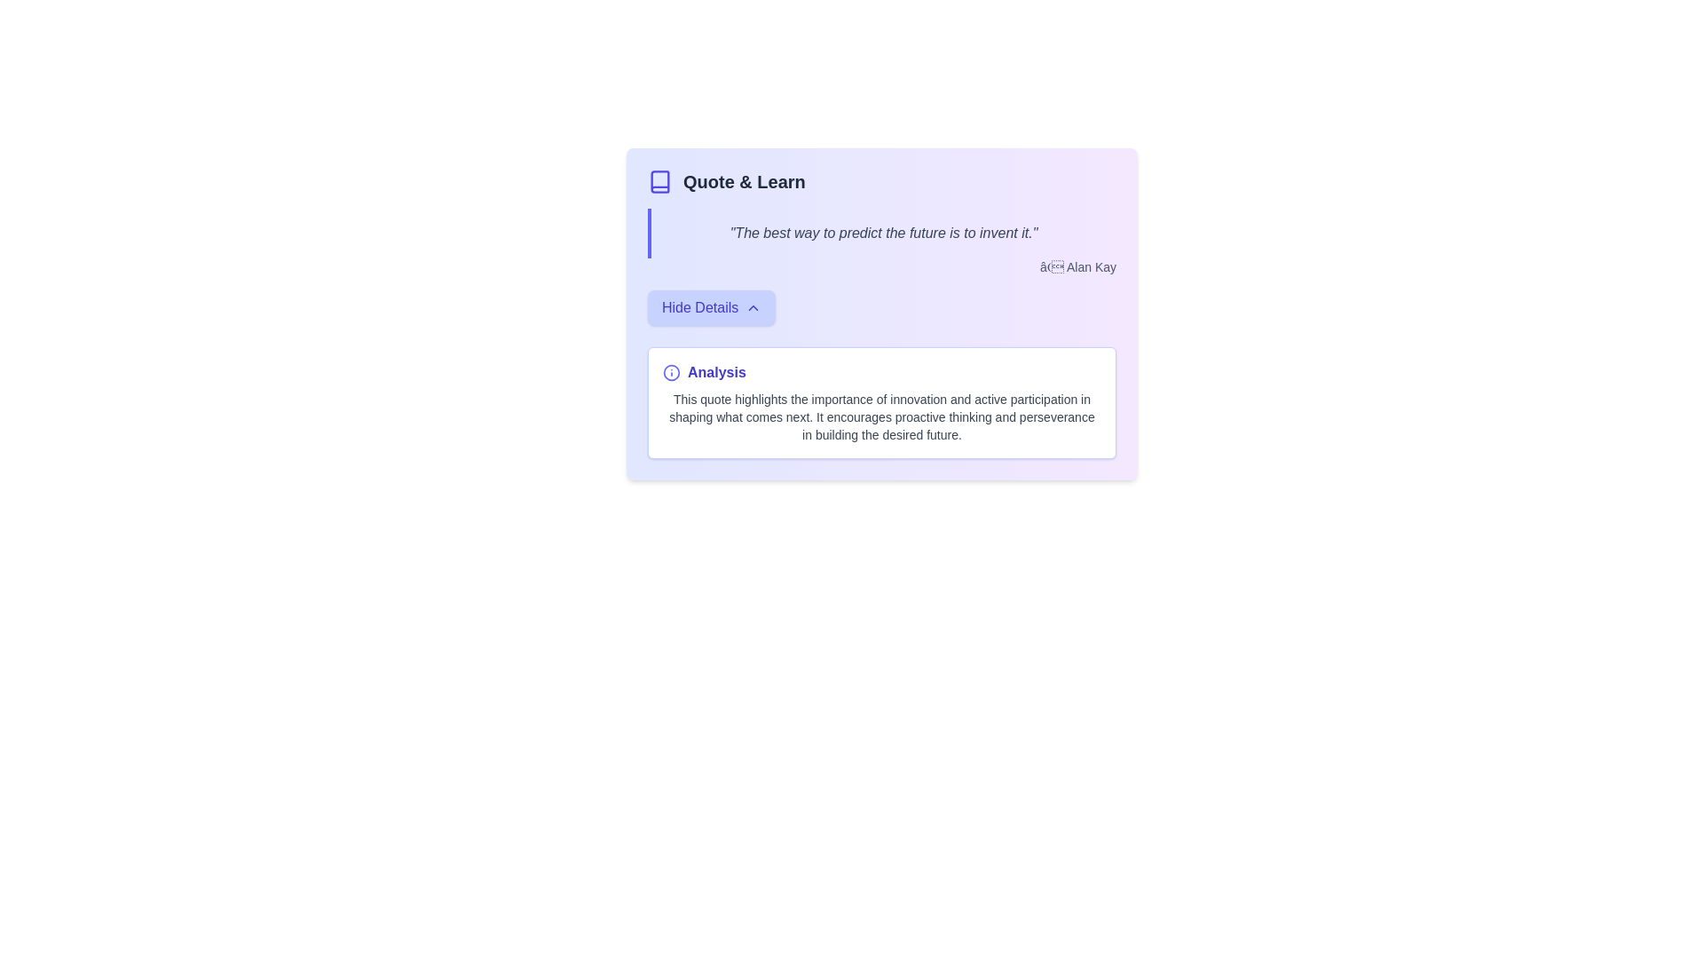 The width and height of the screenshot is (1704, 959). Describe the element at coordinates (881, 232) in the screenshot. I see `the highlighted quote text displayed in italicized font, which reads: 'The best way to predict the future is to invent it.' This text block is located beneath the section title 'Quote & Learn.'` at that location.